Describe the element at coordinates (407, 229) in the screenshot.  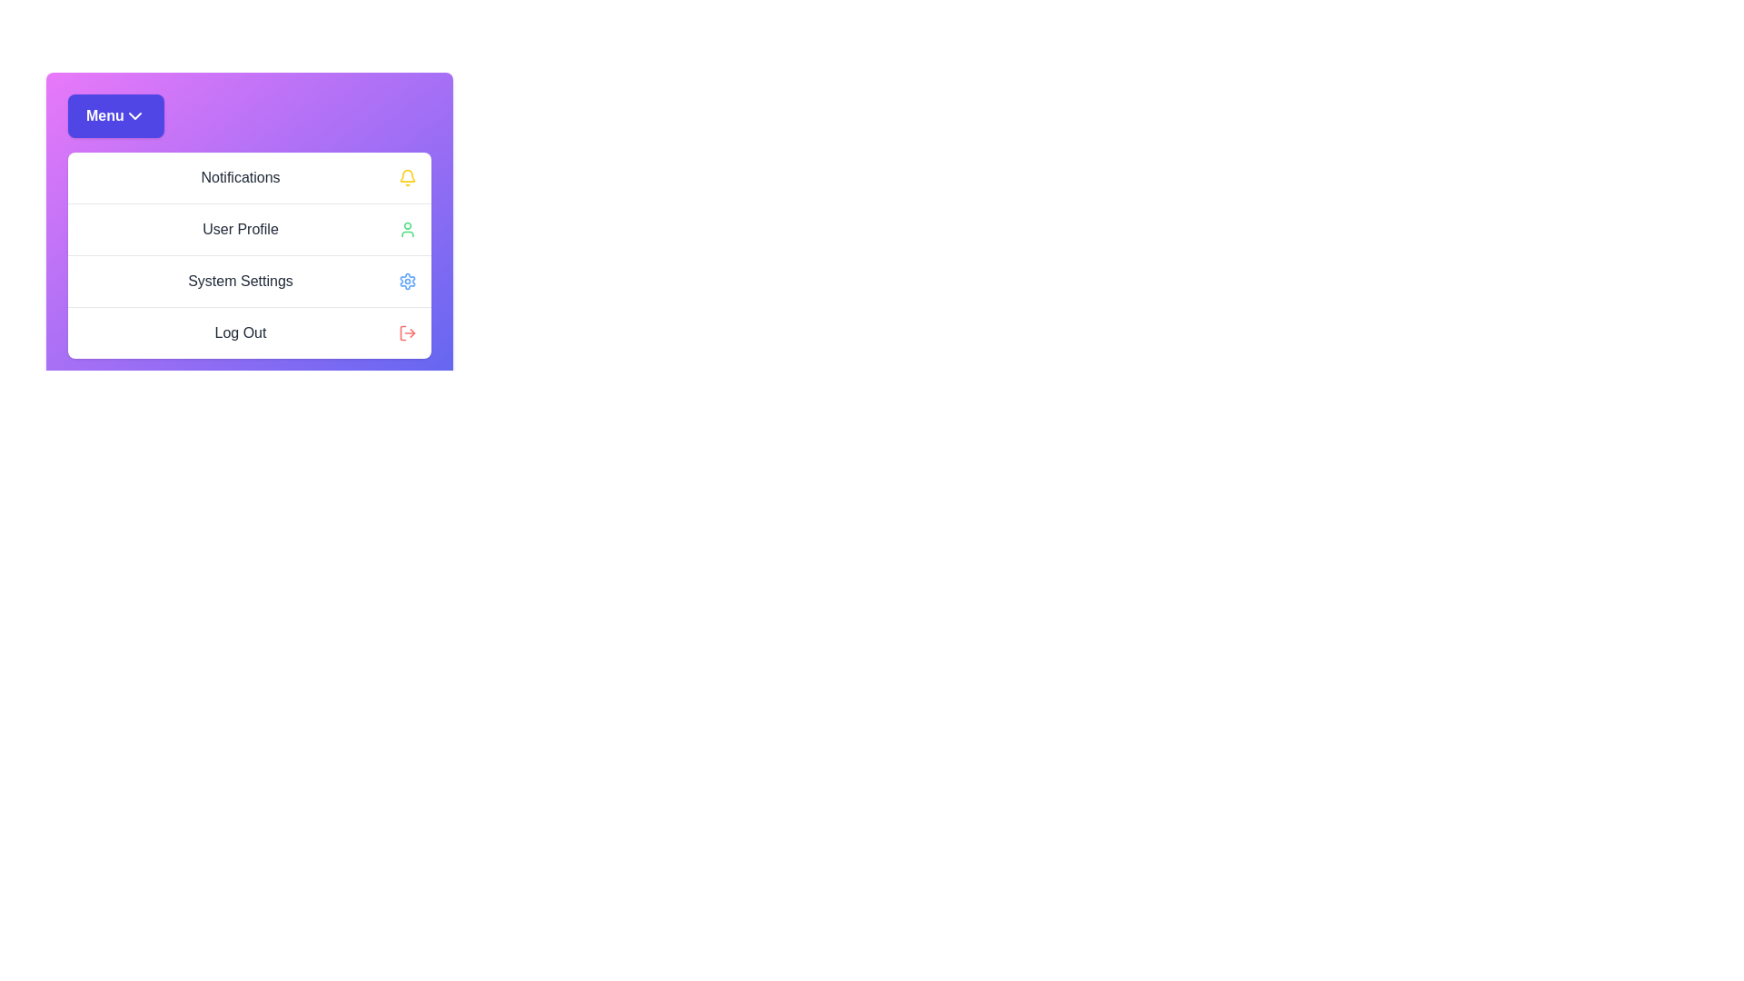
I see `the icon corresponding to User Profile in the menu` at that location.